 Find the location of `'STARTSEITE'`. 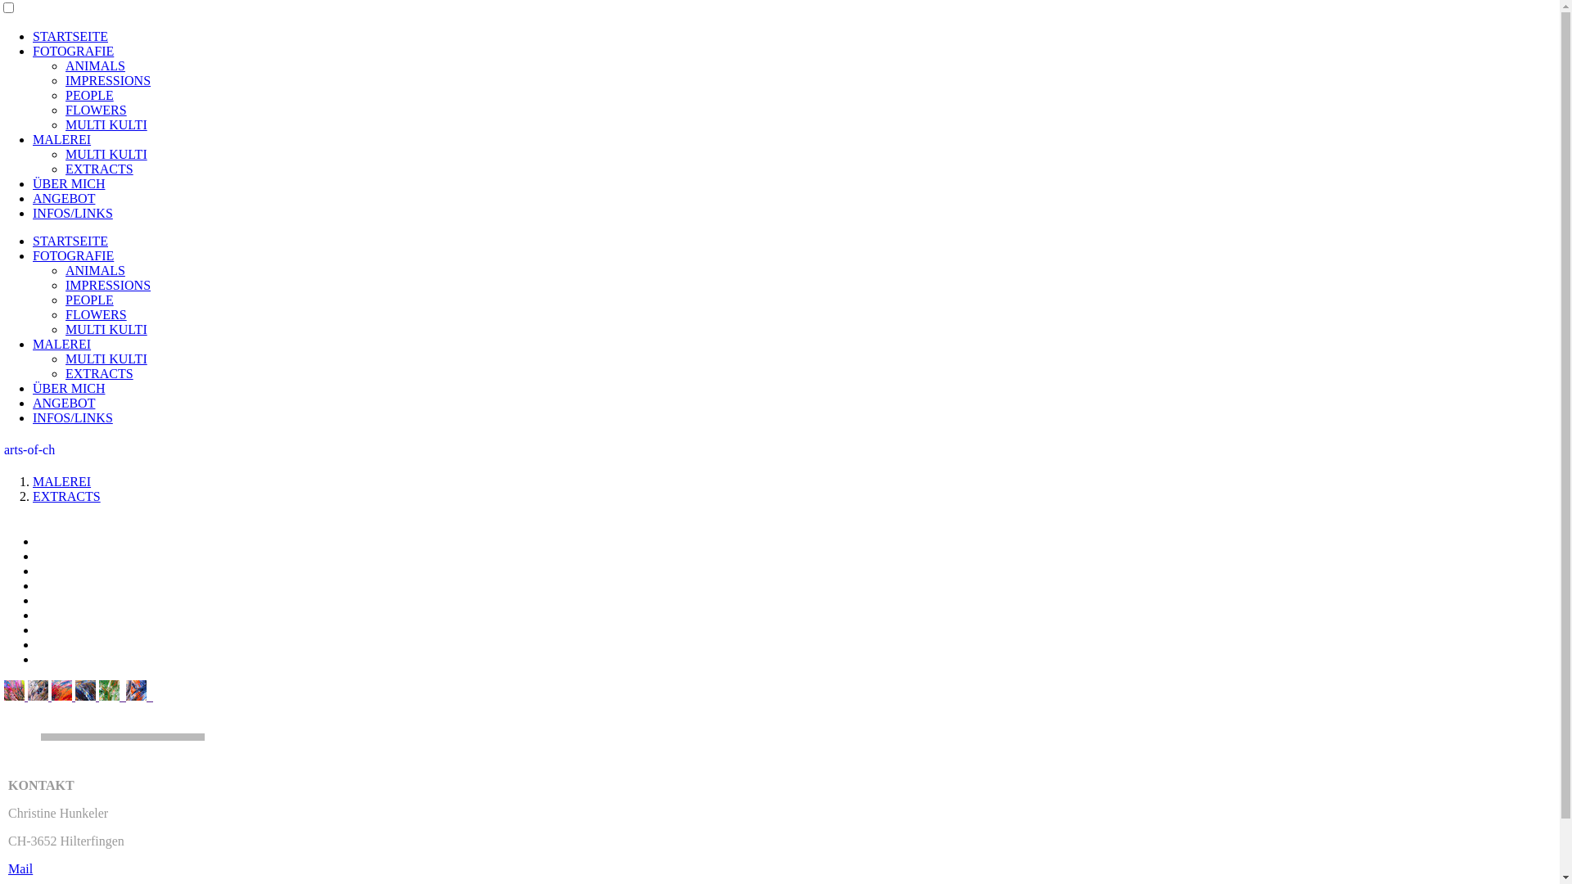

'STARTSEITE' is located at coordinates (70, 241).